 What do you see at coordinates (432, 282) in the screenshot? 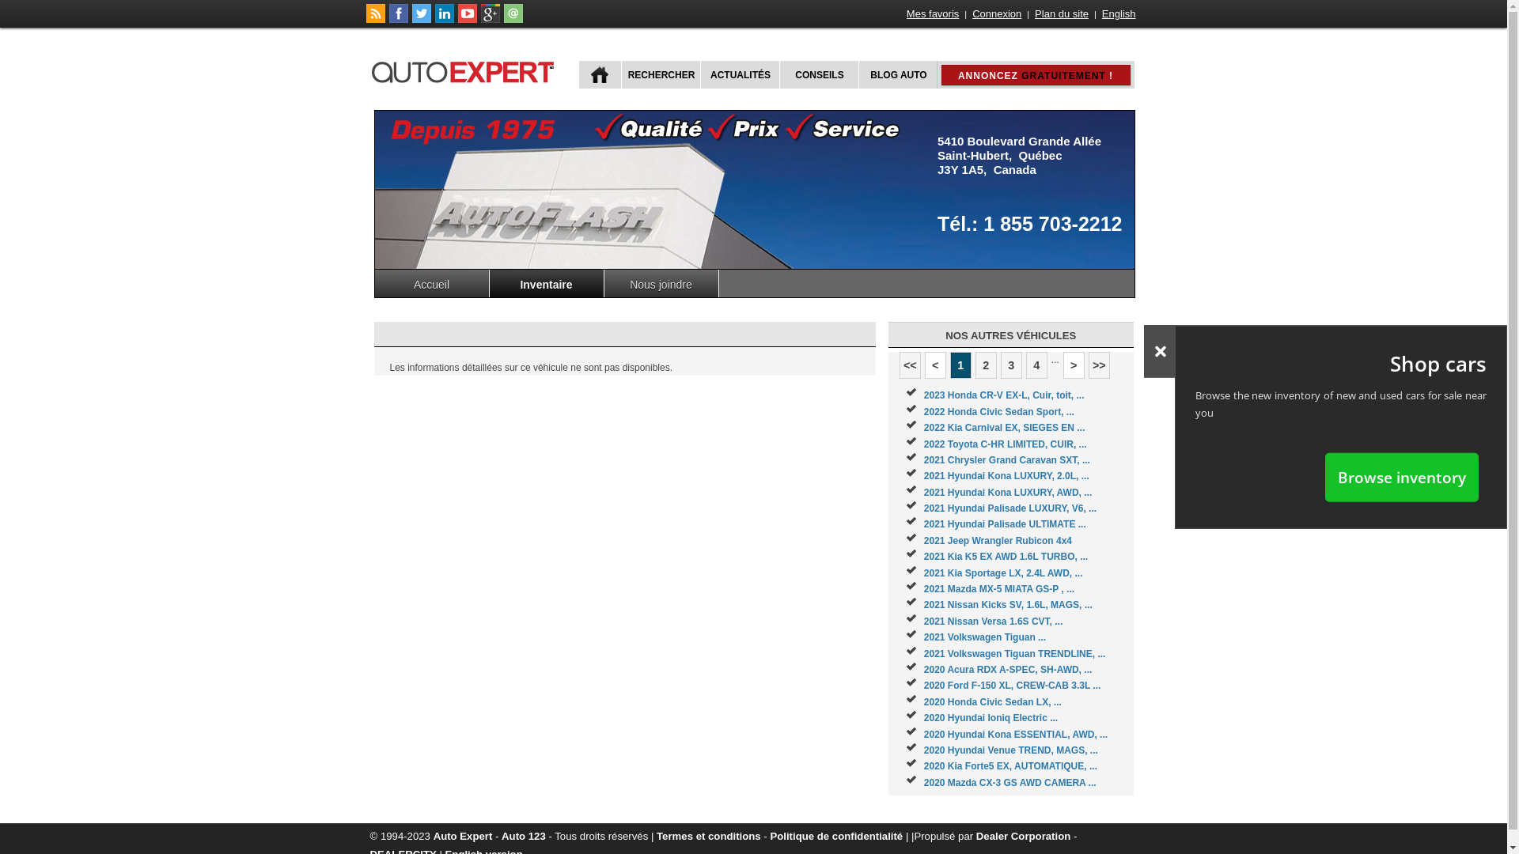
I see `'Accueil'` at bounding box center [432, 282].